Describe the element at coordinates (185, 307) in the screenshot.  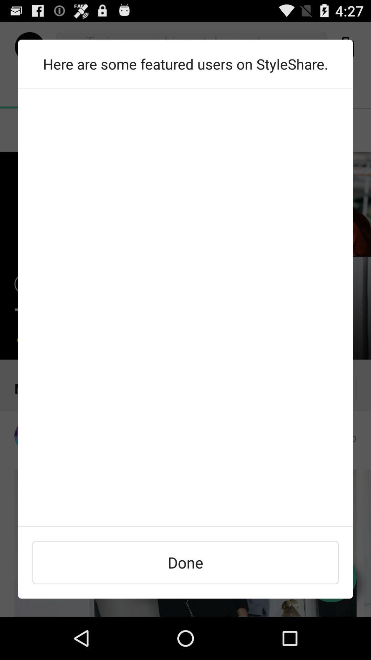
I see `text area` at that location.